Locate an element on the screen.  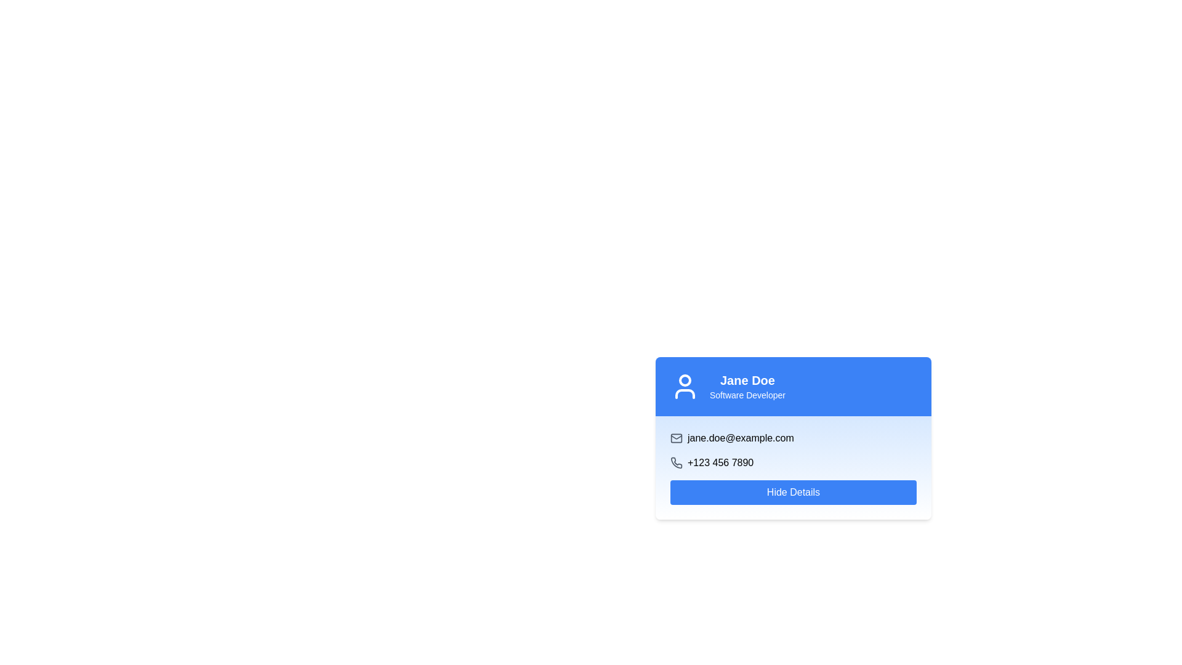
the gray phone icon located before the phone number '+123 456 7890' at the bottom left of the card is located at coordinates (676, 463).